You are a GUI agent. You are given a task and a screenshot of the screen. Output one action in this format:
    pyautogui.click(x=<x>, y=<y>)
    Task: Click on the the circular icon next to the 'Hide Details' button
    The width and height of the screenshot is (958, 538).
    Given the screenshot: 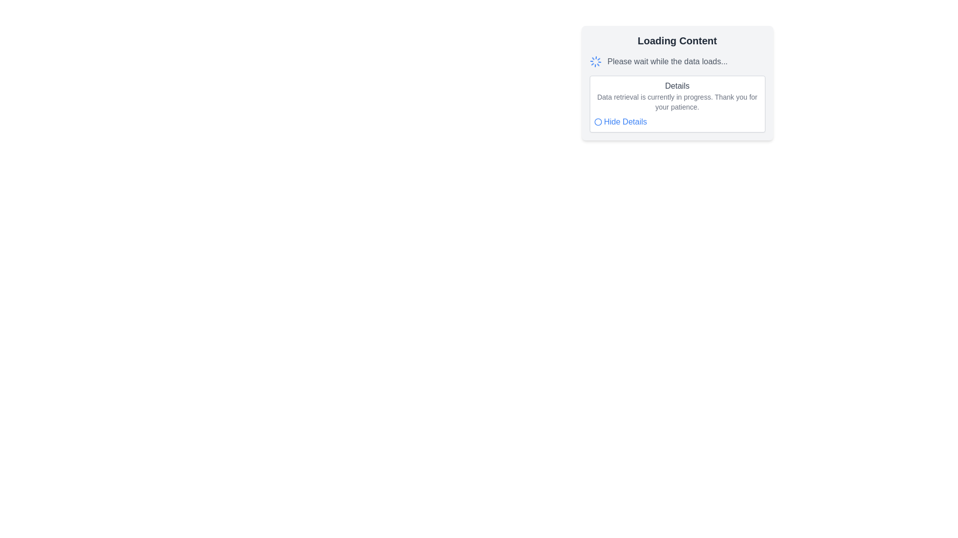 What is the action you would take?
    pyautogui.click(x=620, y=122)
    